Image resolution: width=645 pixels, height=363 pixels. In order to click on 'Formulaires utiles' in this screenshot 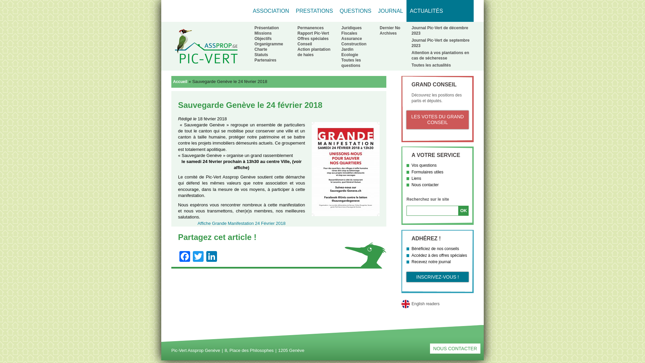, I will do `click(427, 172)`.